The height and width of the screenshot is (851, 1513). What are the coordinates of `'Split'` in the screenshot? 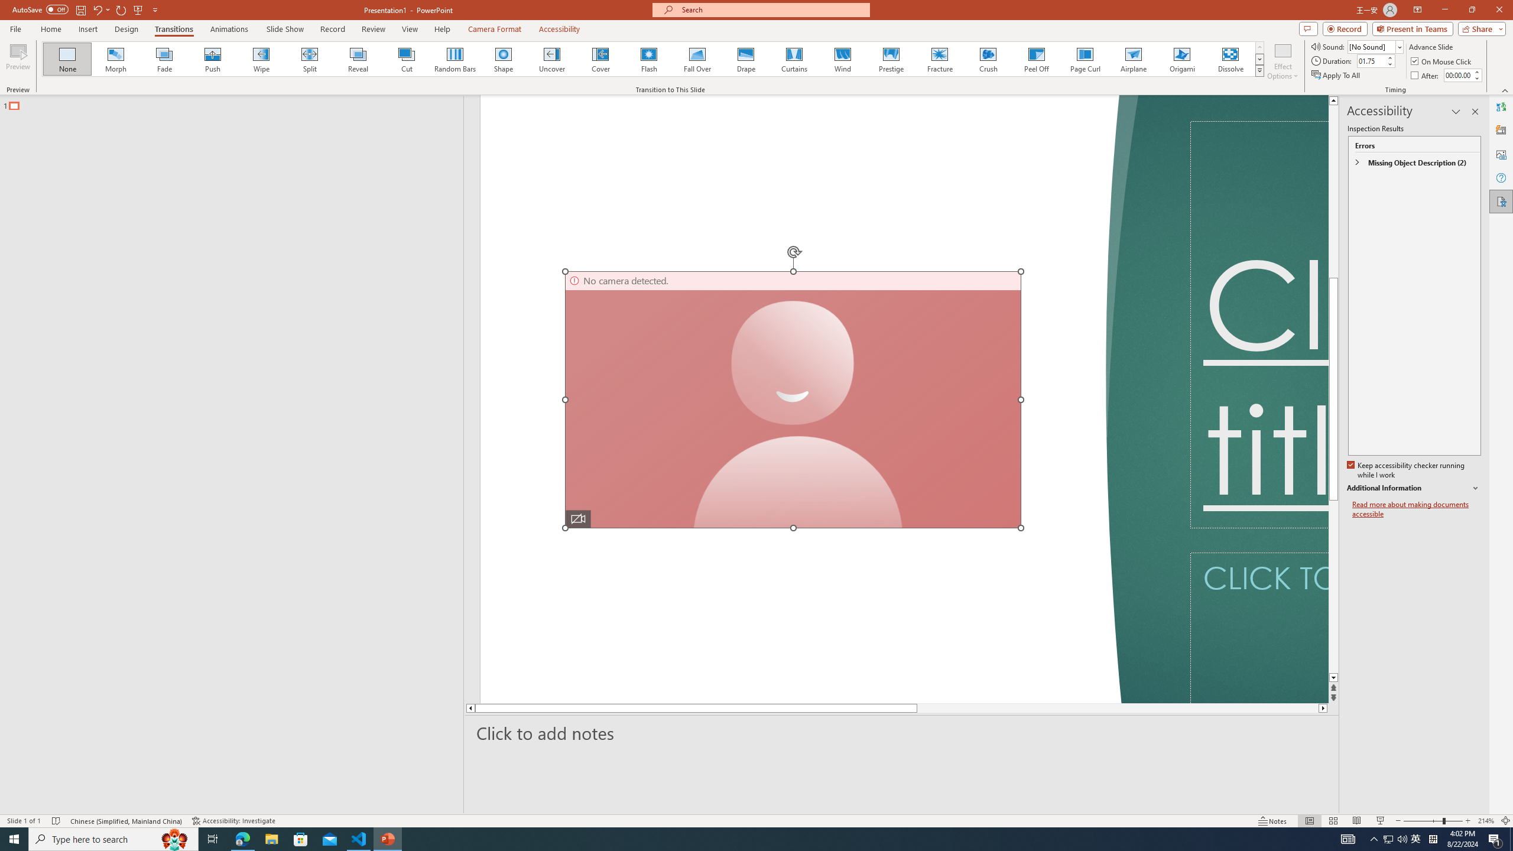 It's located at (309, 59).